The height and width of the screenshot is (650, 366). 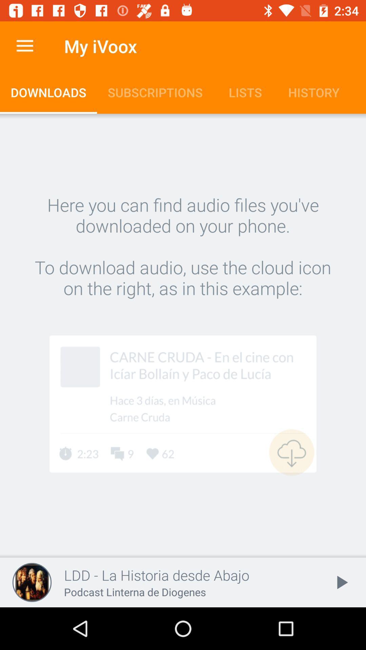 What do you see at coordinates (341, 582) in the screenshot?
I see `the icon to the right of ldd la historia icon` at bounding box center [341, 582].